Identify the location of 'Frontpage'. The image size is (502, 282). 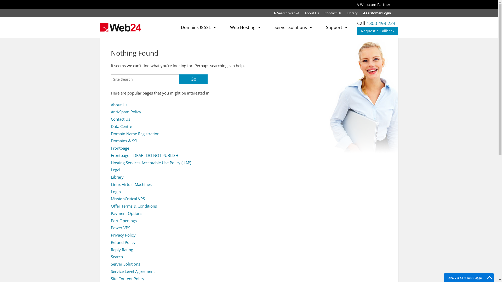
(120, 148).